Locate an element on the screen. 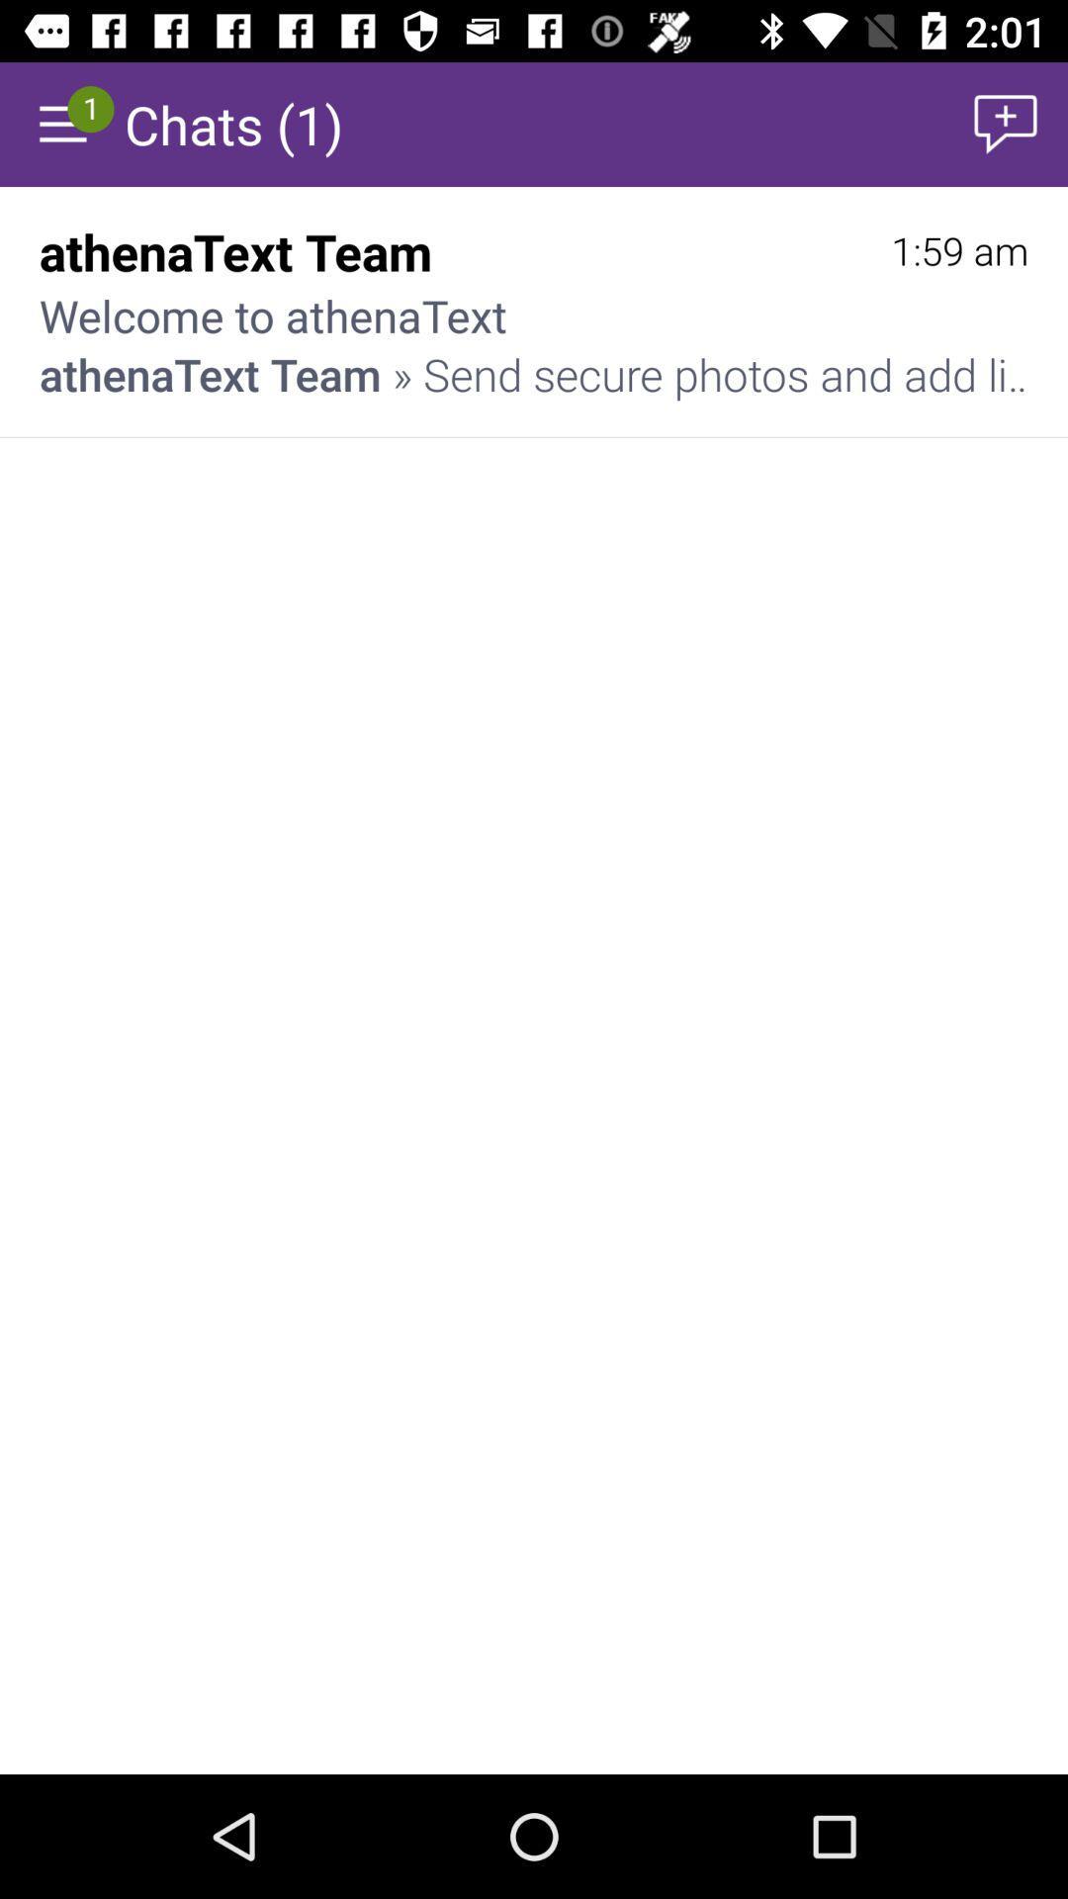 Image resolution: width=1068 pixels, height=1899 pixels. the 1:59 am item is located at coordinates (958, 250).